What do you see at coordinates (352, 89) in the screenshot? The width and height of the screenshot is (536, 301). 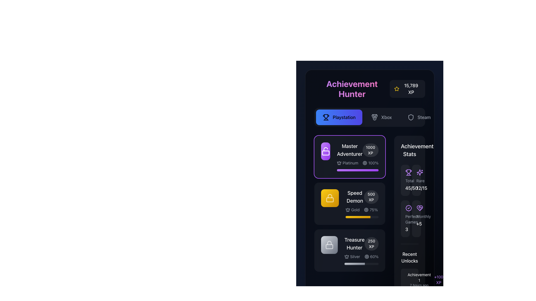 I see `the bold-text heading 'Achievement Hunter' which has a gradient color transitioning from purple to pink, located in the top-left section of the navigation bar` at bounding box center [352, 89].